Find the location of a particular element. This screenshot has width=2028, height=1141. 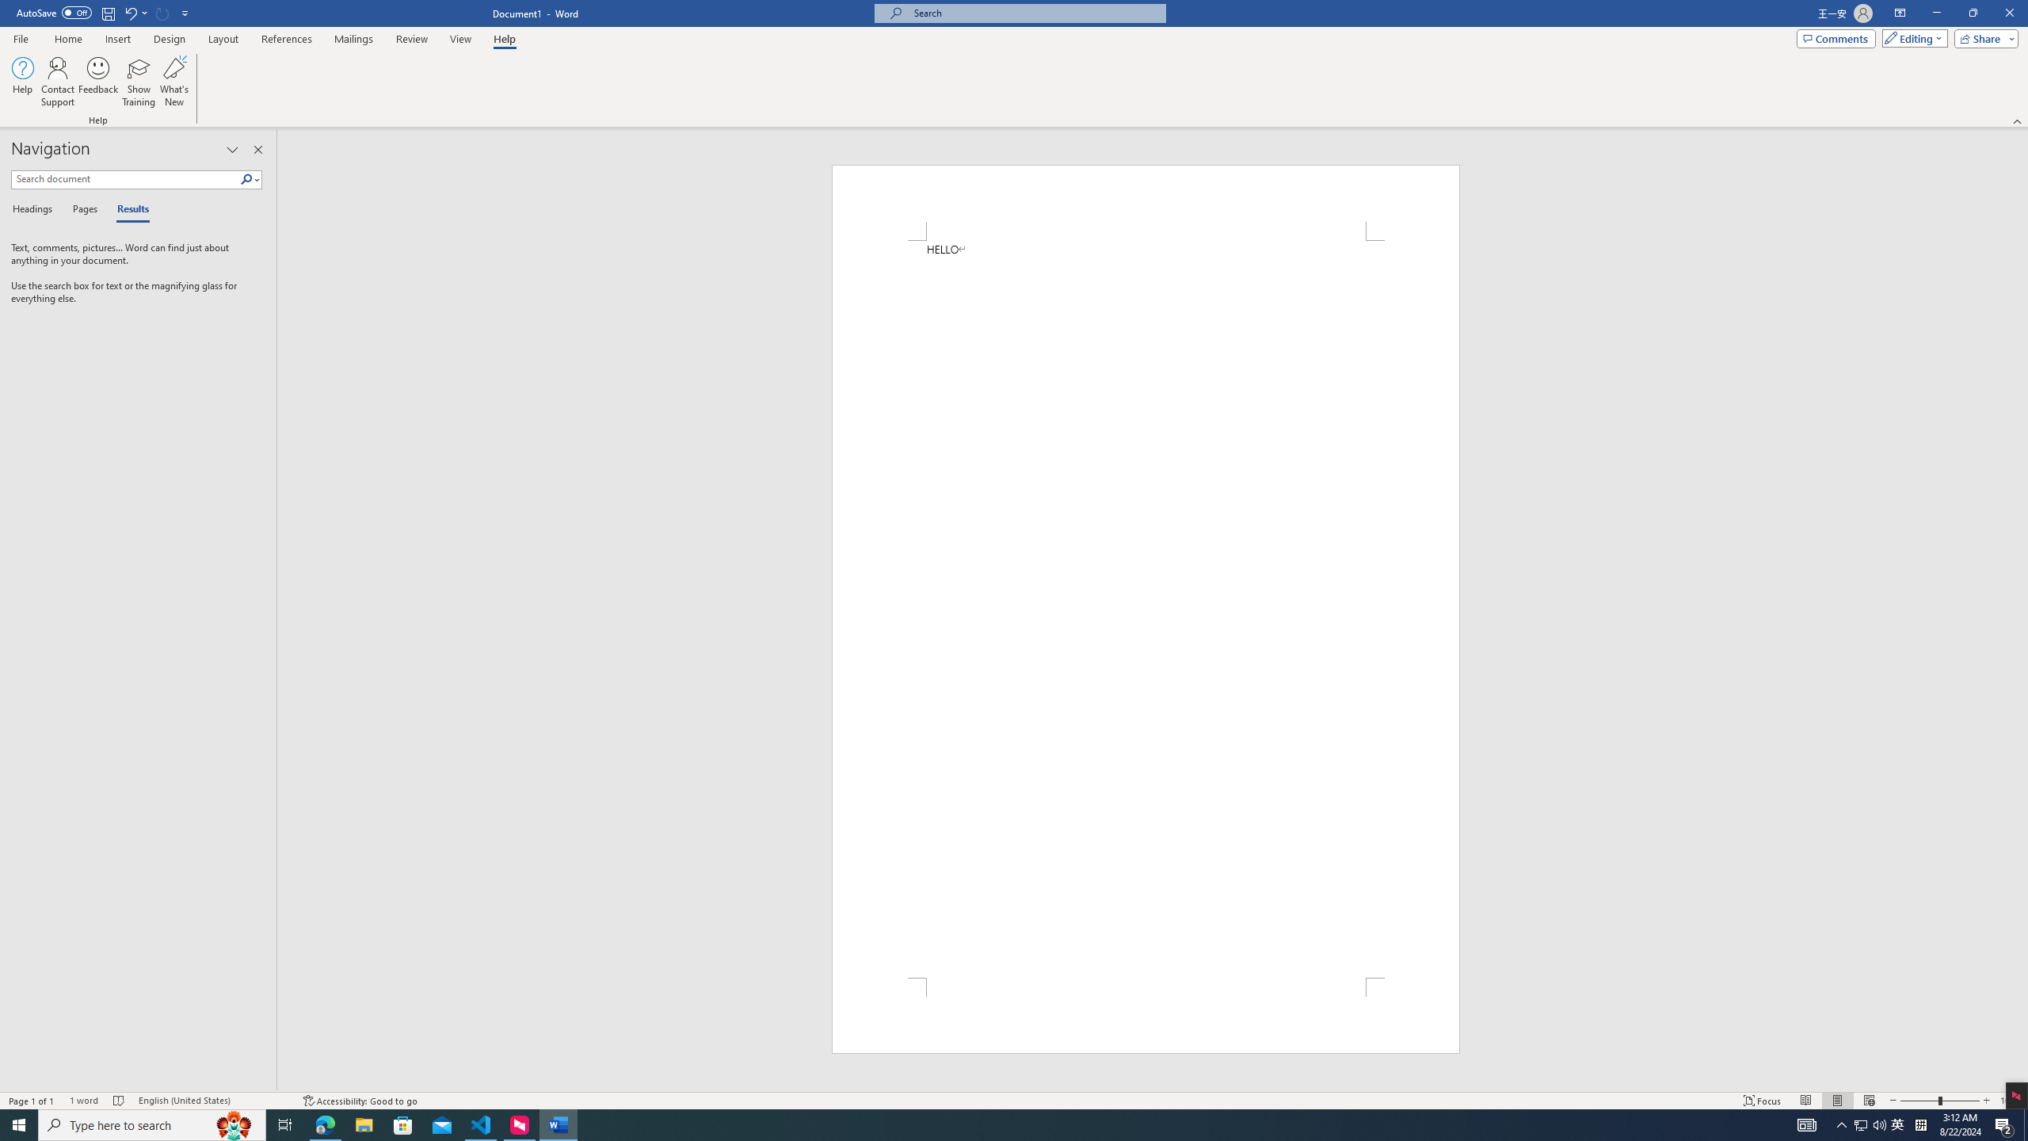

'Feedback' is located at coordinates (97, 82).